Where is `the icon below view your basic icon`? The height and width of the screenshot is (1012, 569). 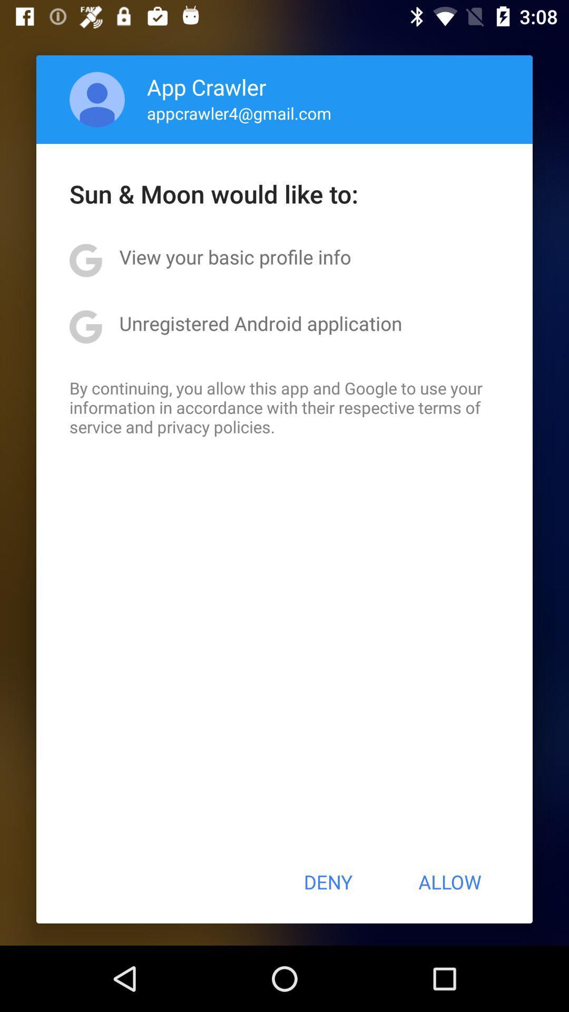
the icon below view your basic icon is located at coordinates (260, 323).